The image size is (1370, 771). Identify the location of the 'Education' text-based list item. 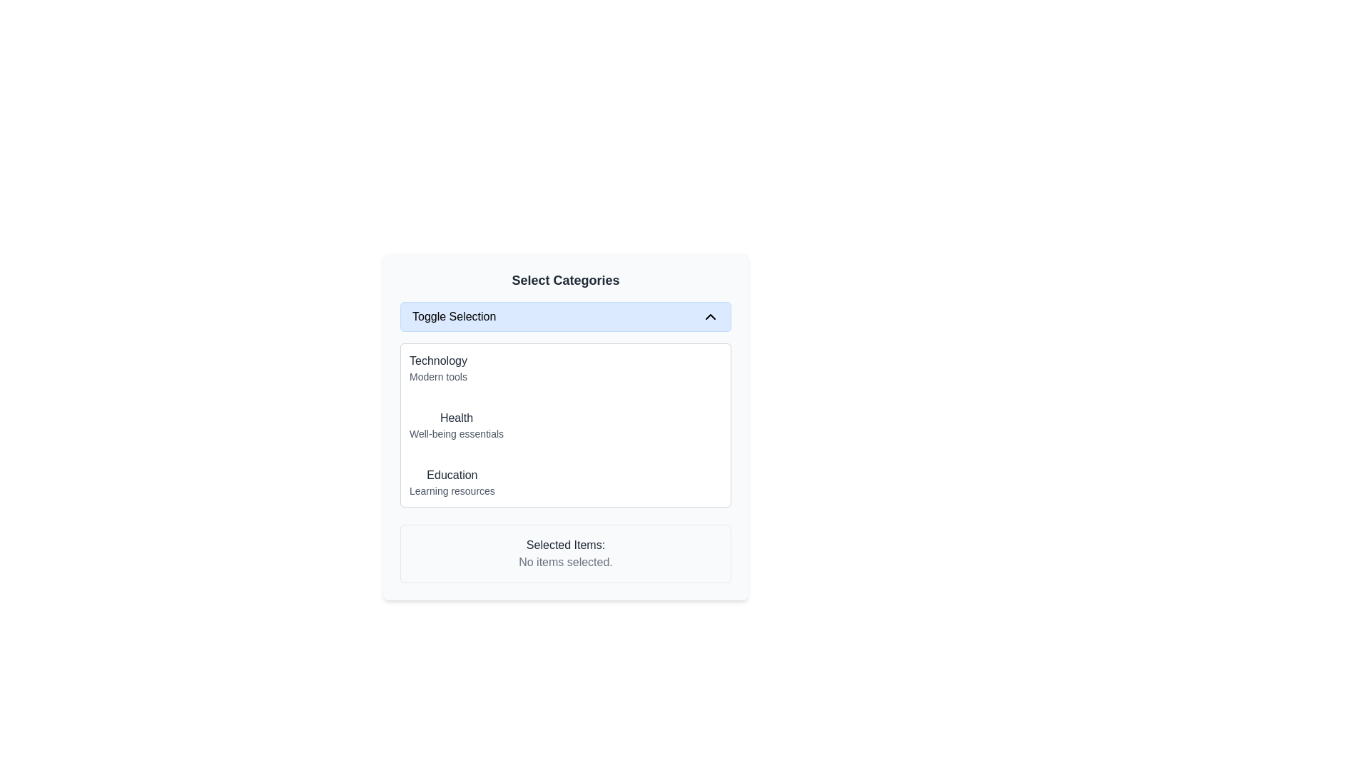
(451, 482).